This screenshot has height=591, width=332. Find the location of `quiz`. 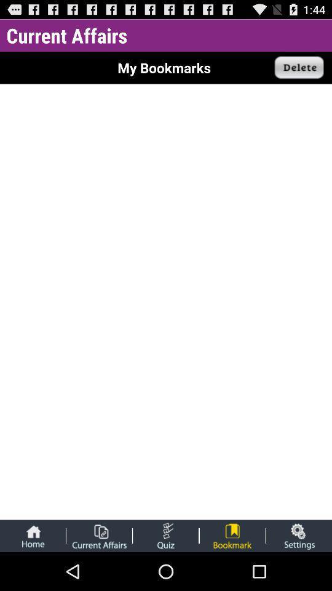

quiz is located at coordinates (165, 535).